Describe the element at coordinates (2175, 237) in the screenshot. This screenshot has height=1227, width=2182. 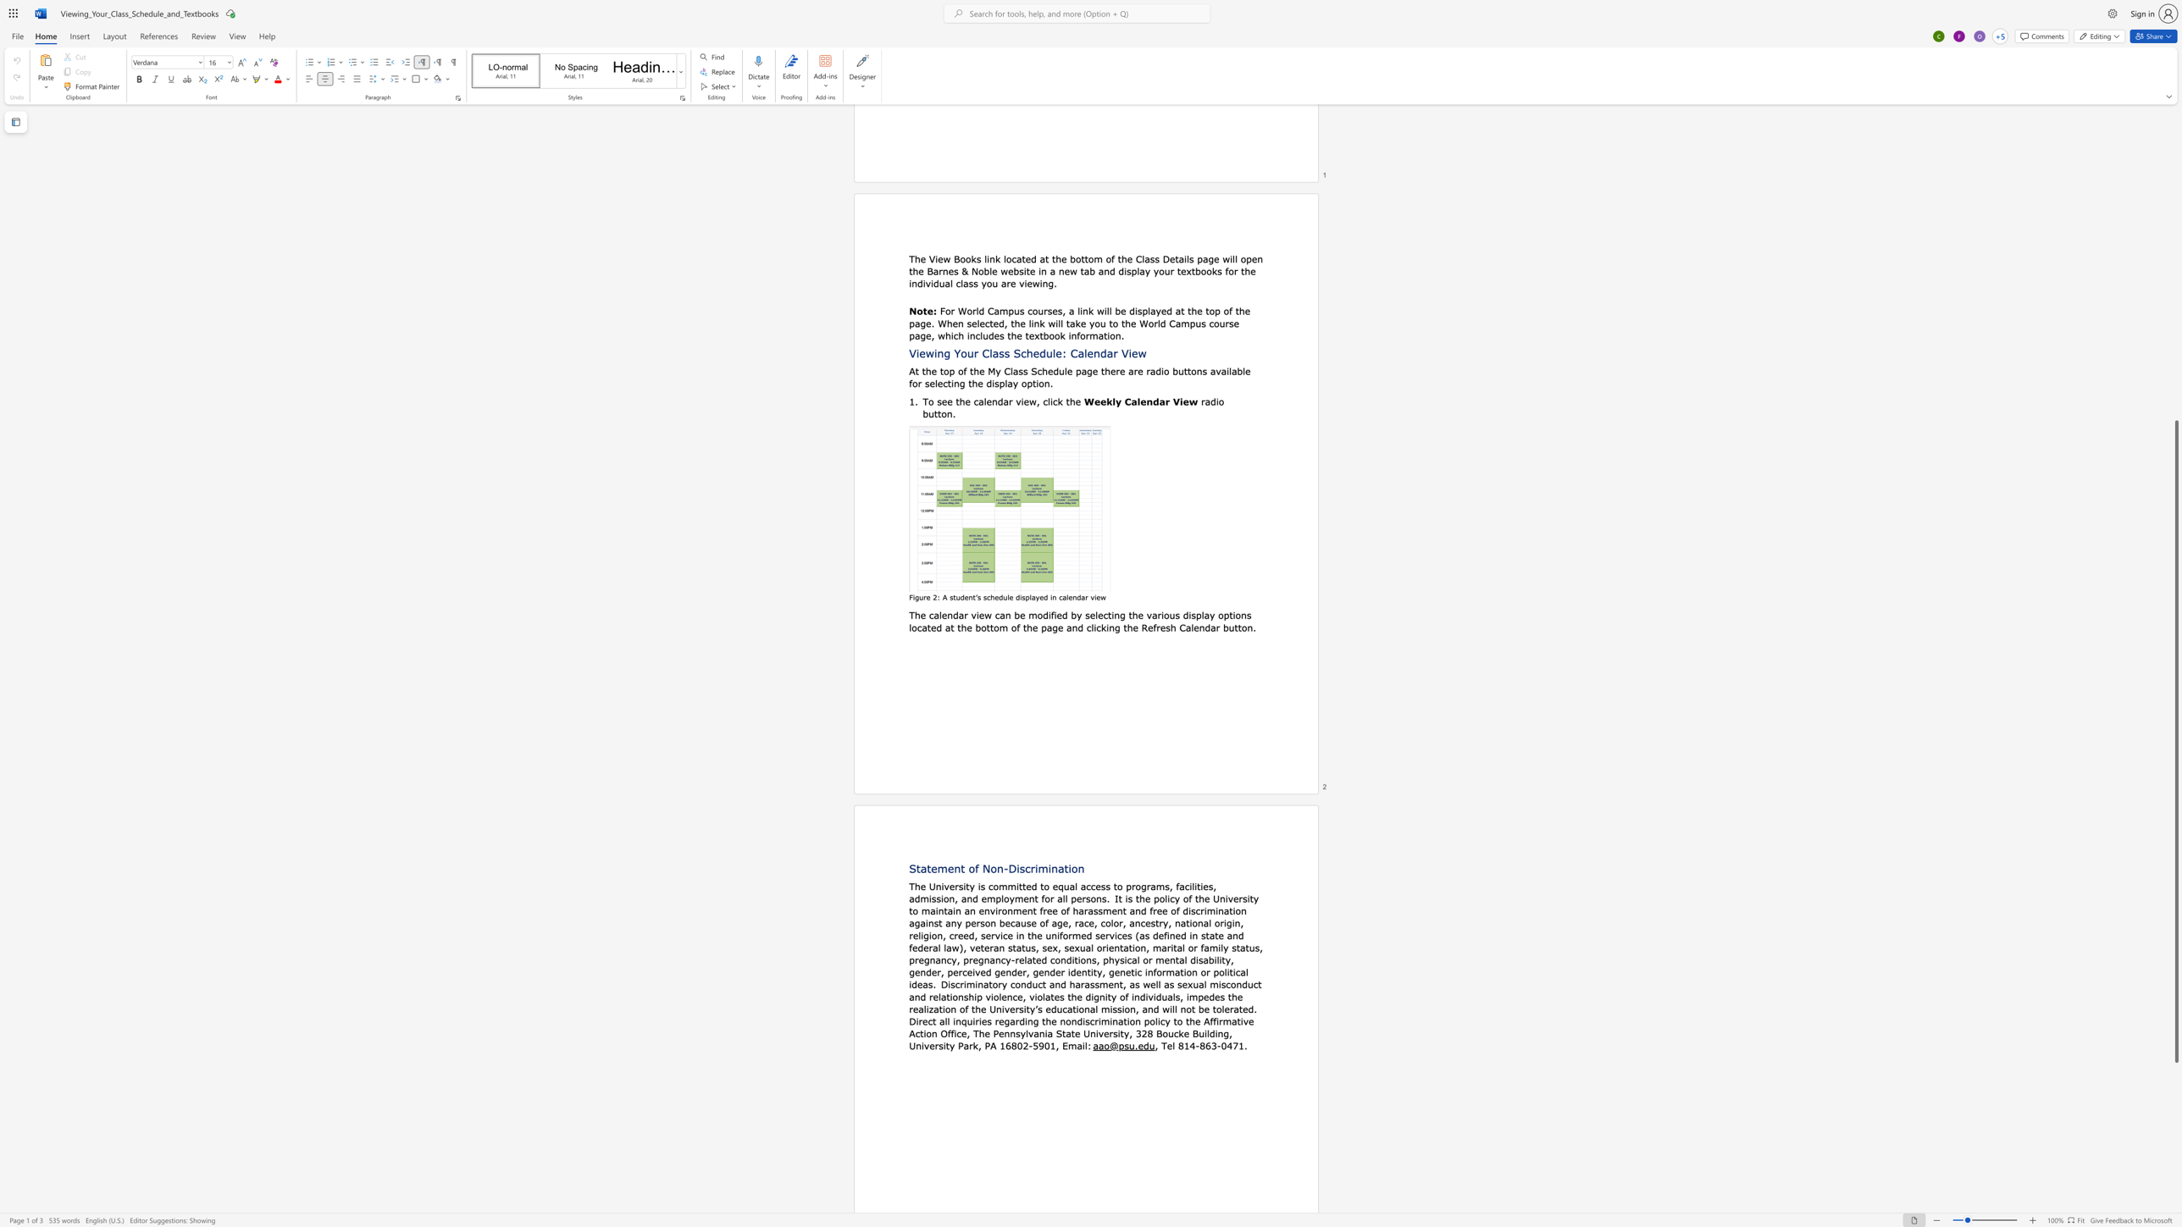
I see `the scrollbar on the right to move the page upward` at that location.